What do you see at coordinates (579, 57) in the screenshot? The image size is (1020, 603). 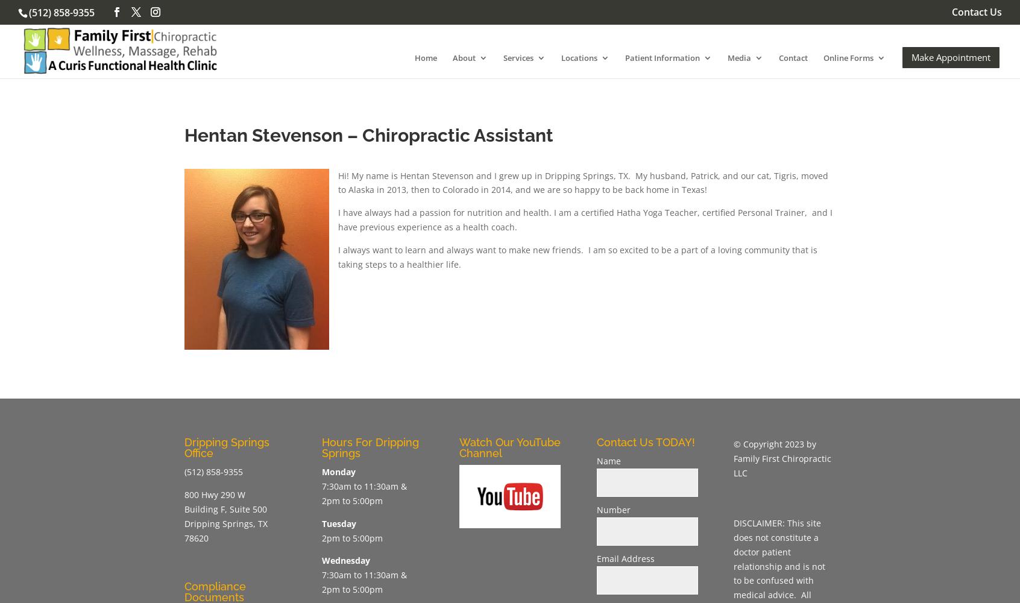 I see `'Locations'` at bounding box center [579, 57].